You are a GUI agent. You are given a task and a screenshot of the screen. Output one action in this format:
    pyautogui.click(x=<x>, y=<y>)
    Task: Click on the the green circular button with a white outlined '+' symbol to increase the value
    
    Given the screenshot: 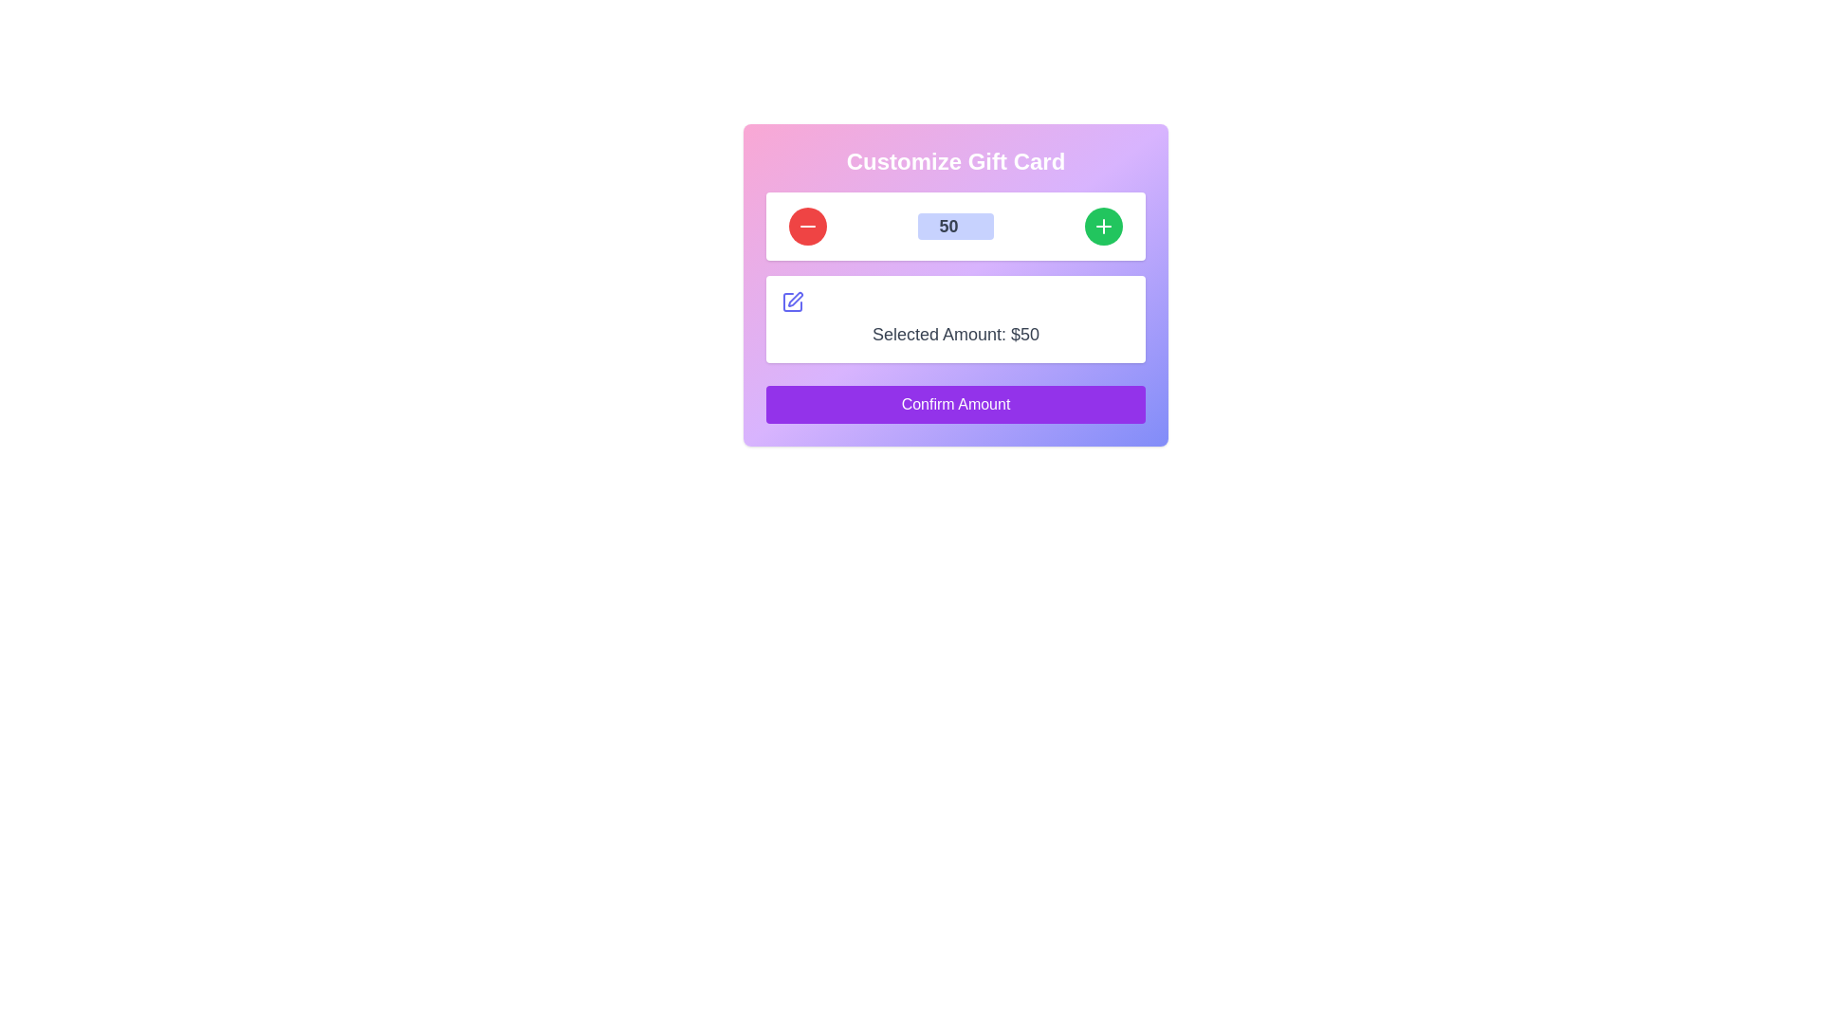 What is the action you would take?
    pyautogui.click(x=1103, y=226)
    